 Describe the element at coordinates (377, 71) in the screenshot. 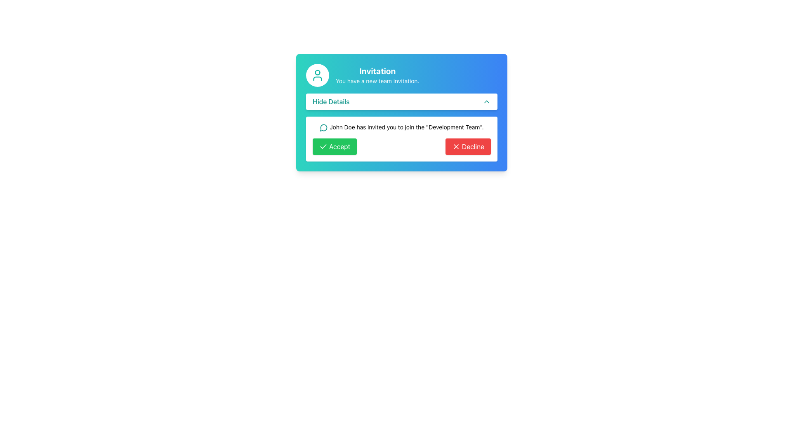

I see `the bold title text reading 'Invitation', which is prominently displayed in a blue header box at the top-center of the panel` at that location.